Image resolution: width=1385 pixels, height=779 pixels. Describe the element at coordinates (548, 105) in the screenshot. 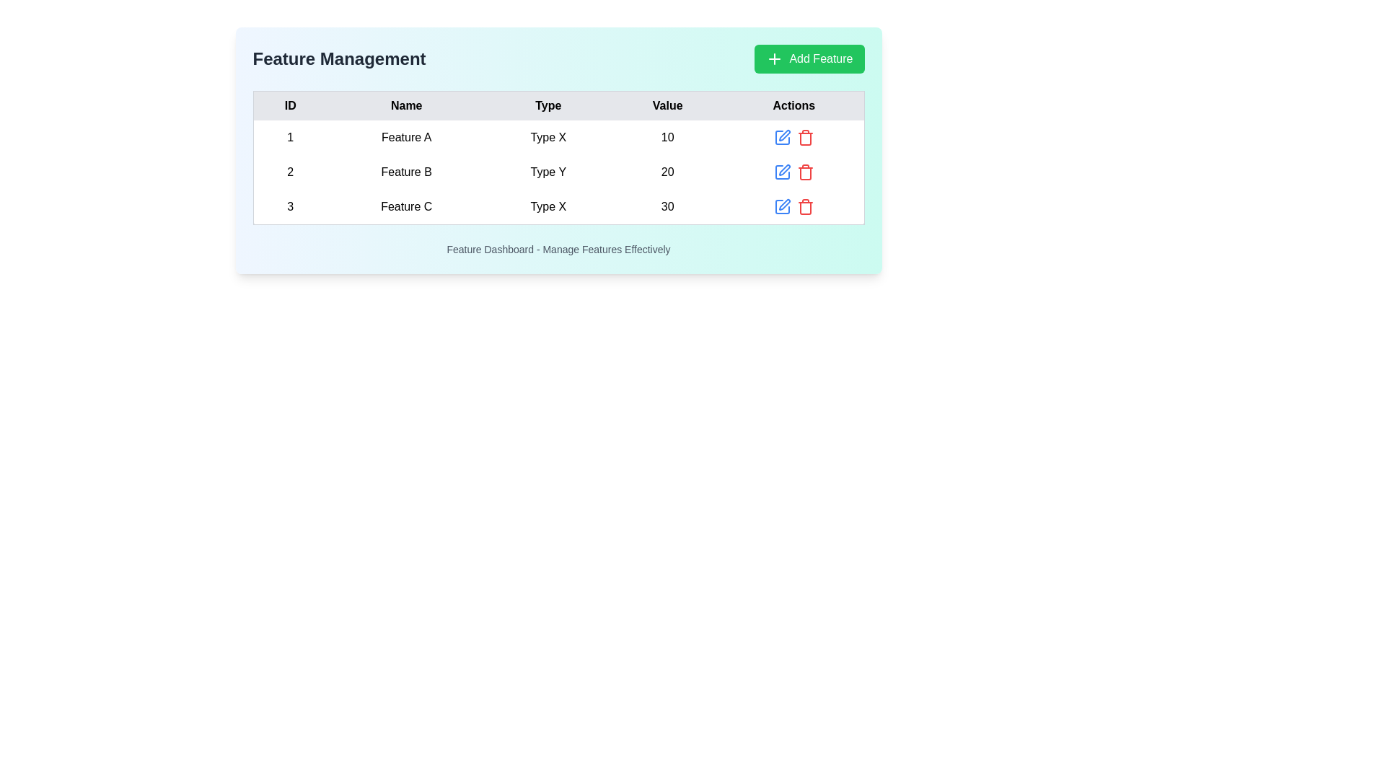

I see `the third column header cell in the table, which serves as a label for the corresponding column indicating the type of each entry` at that location.